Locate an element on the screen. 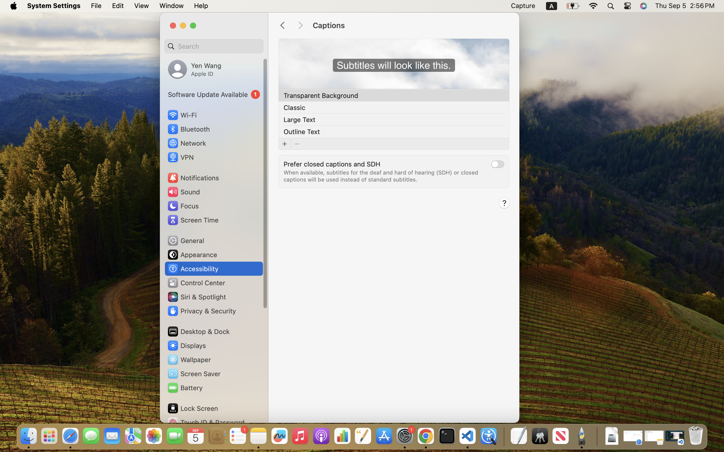  'Bluetooth' is located at coordinates (188, 129).